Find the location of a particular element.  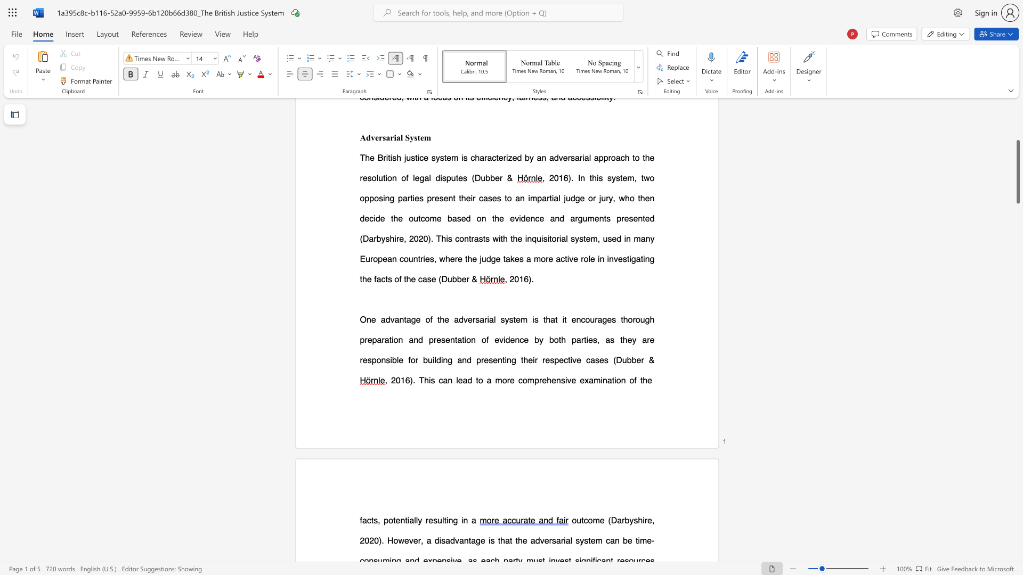

the subset text "sive examination o" within the text ". This can lead to a more comprehensive examination of the" is located at coordinates (560, 380).